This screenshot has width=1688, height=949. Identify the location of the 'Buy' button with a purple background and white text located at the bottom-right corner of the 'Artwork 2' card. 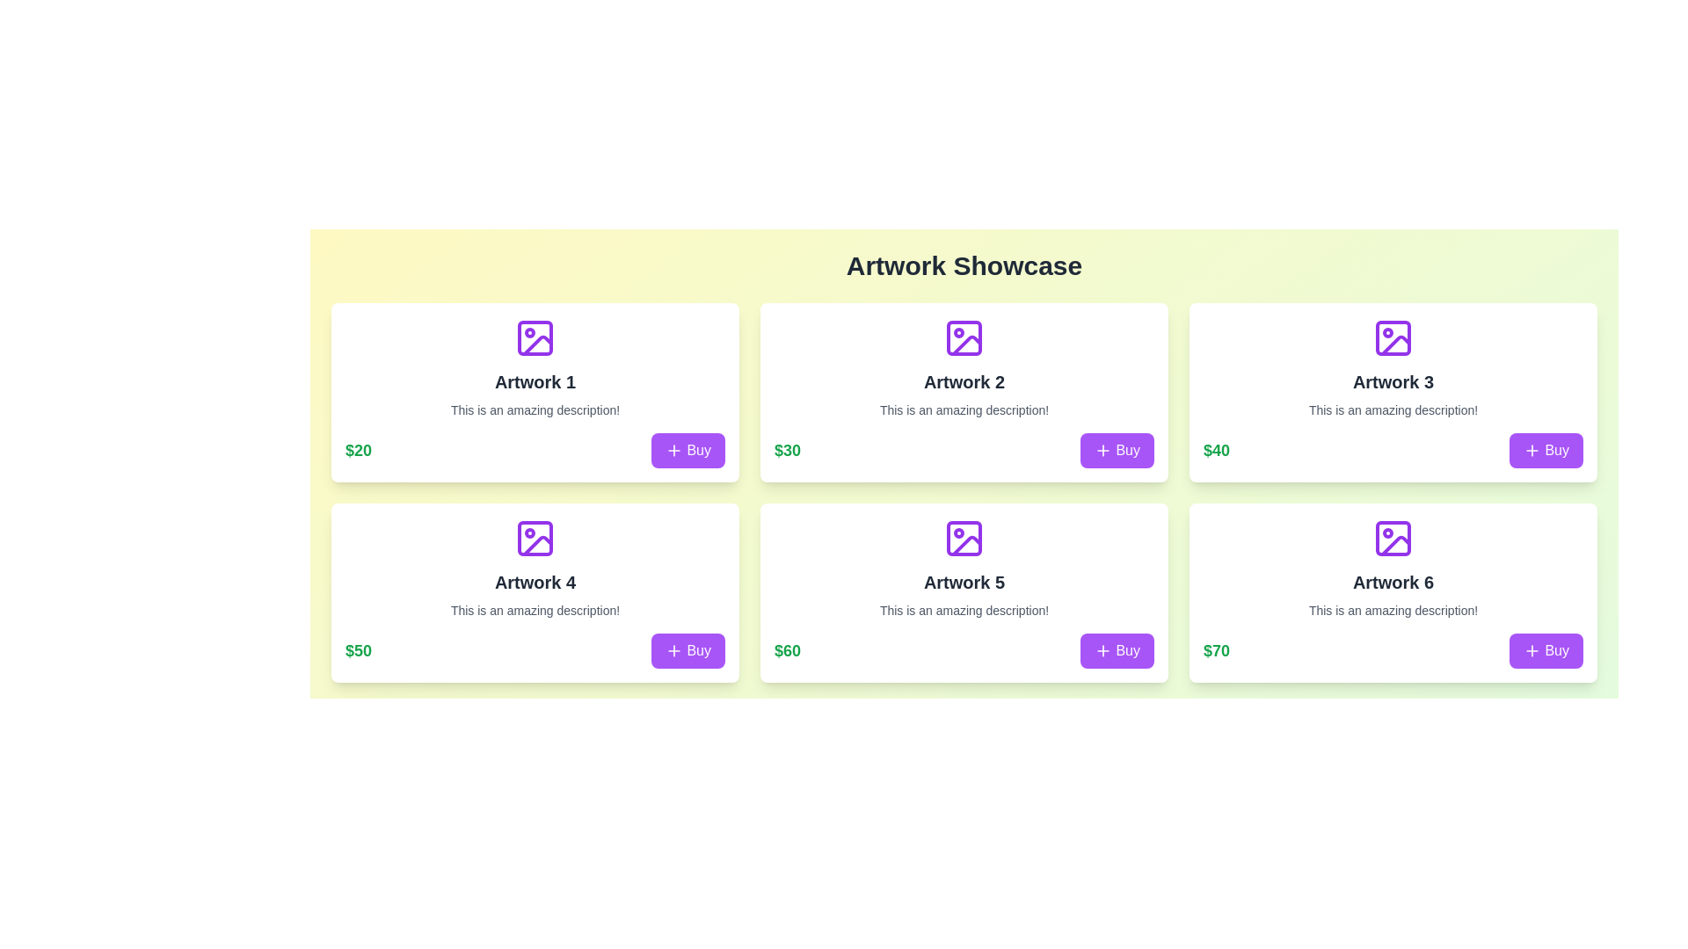
(1117, 450).